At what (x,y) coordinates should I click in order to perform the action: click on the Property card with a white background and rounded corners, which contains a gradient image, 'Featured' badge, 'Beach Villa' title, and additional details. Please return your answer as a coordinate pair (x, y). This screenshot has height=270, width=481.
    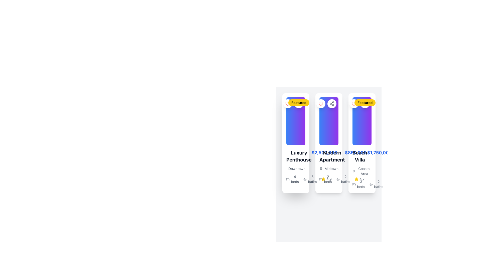
    Looking at the image, I should click on (362, 143).